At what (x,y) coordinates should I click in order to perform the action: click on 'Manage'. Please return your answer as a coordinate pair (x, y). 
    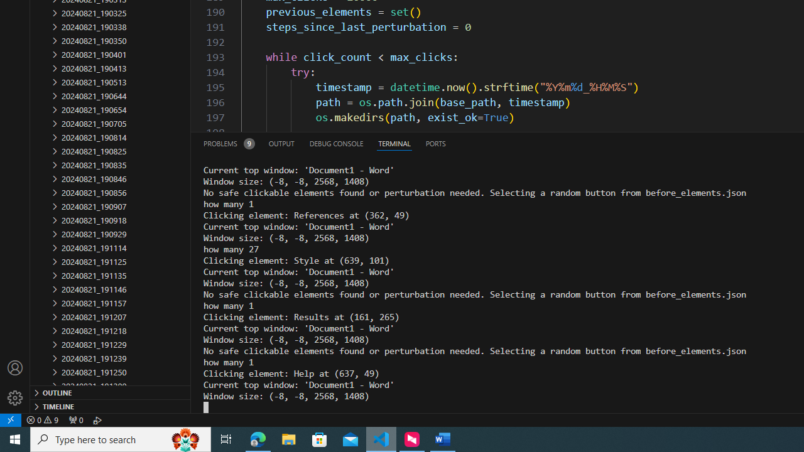
    Looking at the image, I should click on (15, 382).